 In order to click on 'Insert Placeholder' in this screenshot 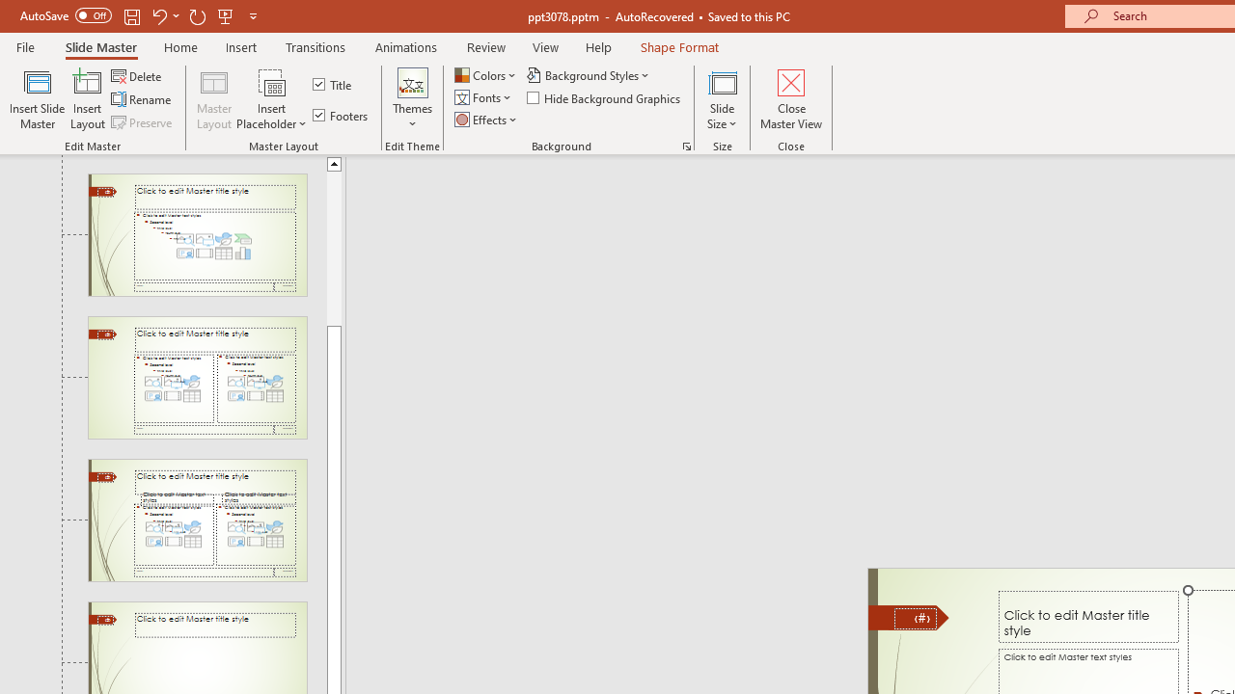, I will do `click(271, 99)`.